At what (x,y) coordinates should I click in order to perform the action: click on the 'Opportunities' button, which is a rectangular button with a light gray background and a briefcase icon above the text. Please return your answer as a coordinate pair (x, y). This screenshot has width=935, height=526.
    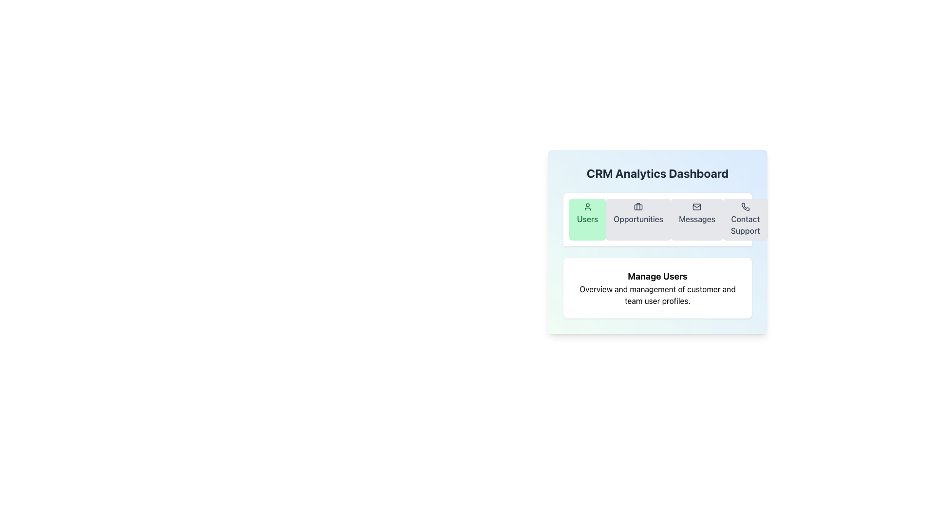
    Looking at the image, I should click on (638, 220).